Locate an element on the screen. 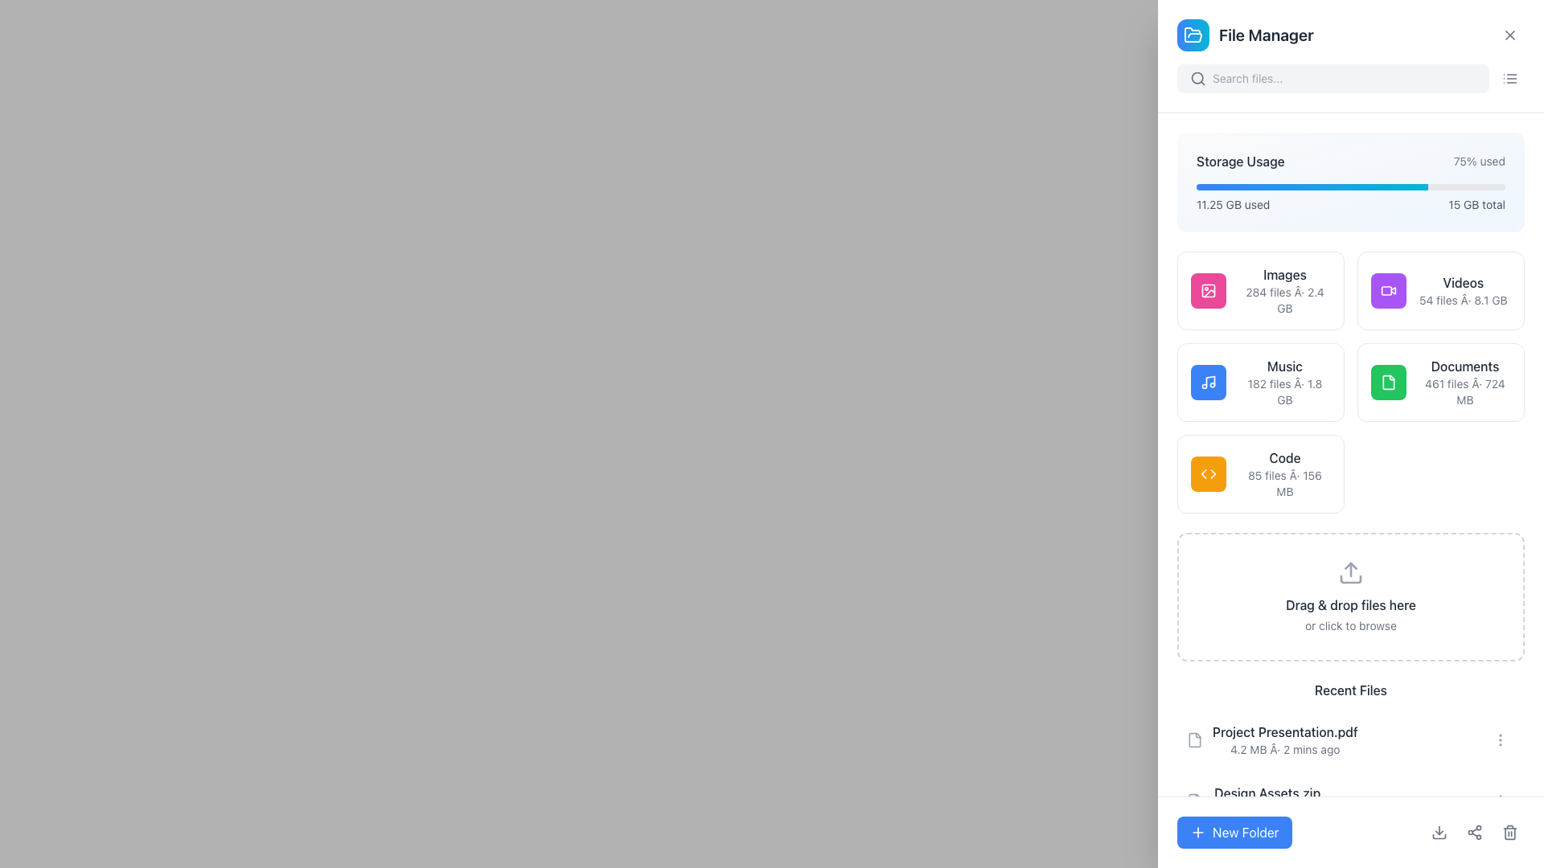  the informational text block that summarizes the 'Music' category is located at coordinates (1284, 382).